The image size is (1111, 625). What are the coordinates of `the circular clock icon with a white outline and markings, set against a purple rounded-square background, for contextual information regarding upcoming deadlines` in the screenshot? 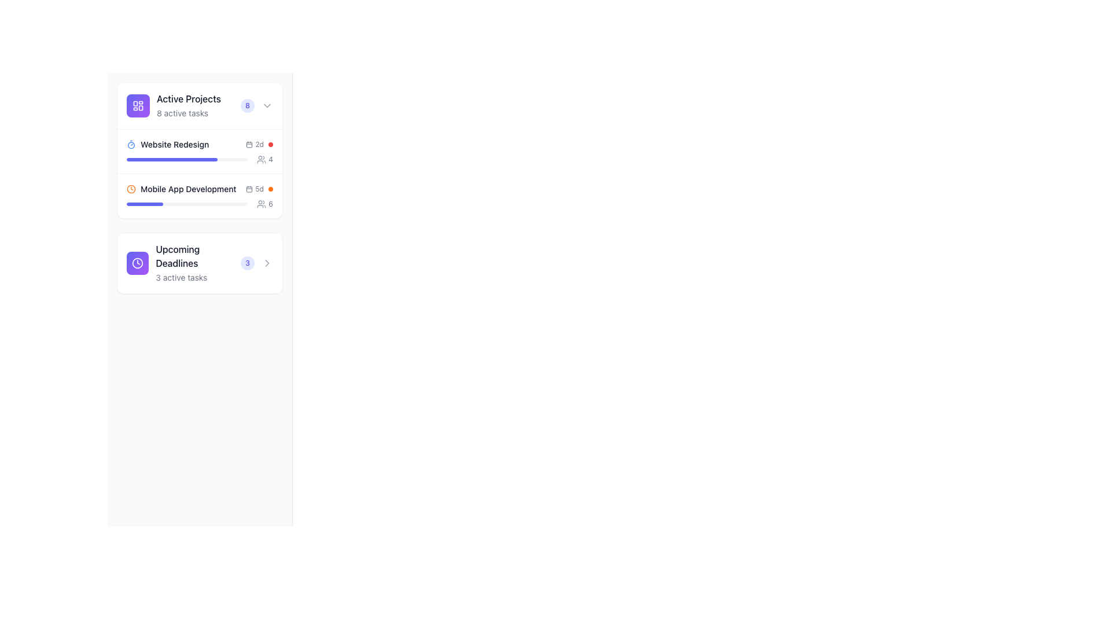 It's located at (138, 263).